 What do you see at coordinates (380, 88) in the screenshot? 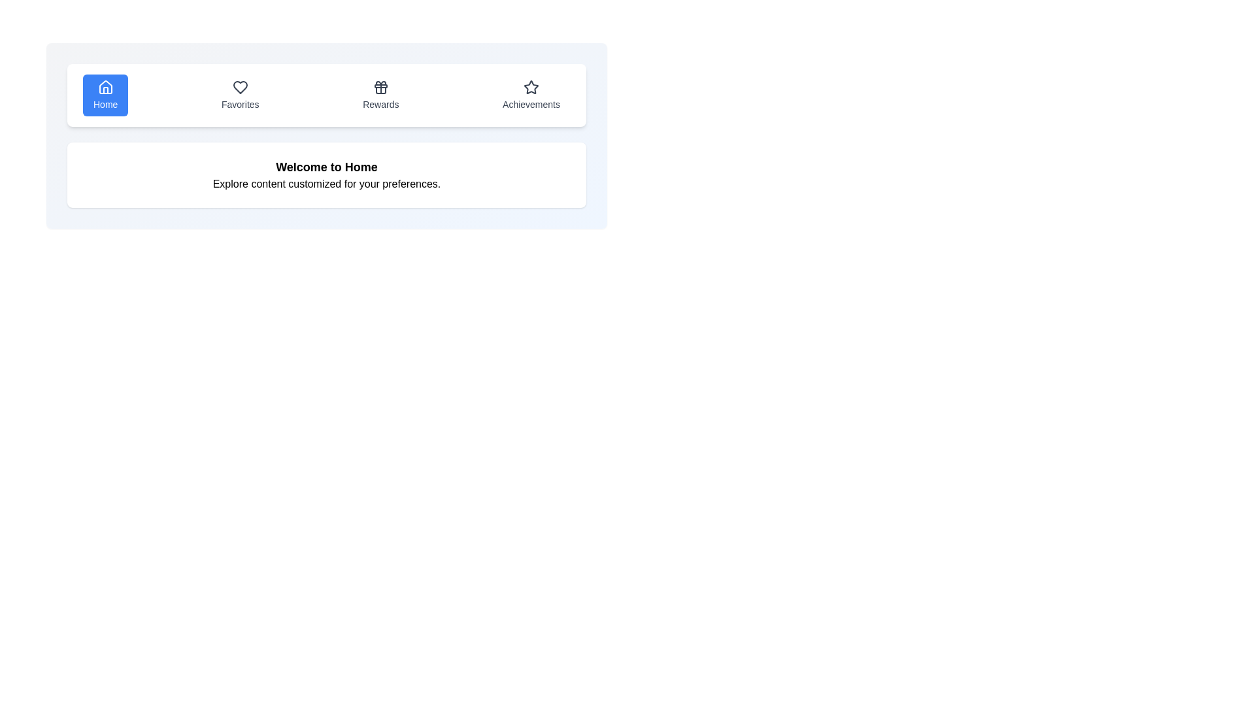
I see `the gift box icon located in the navigation bar above the 'Rewards' label, positioned between the 'Favorites' and 'Achievements' sections` at bounding box center [380, 88].